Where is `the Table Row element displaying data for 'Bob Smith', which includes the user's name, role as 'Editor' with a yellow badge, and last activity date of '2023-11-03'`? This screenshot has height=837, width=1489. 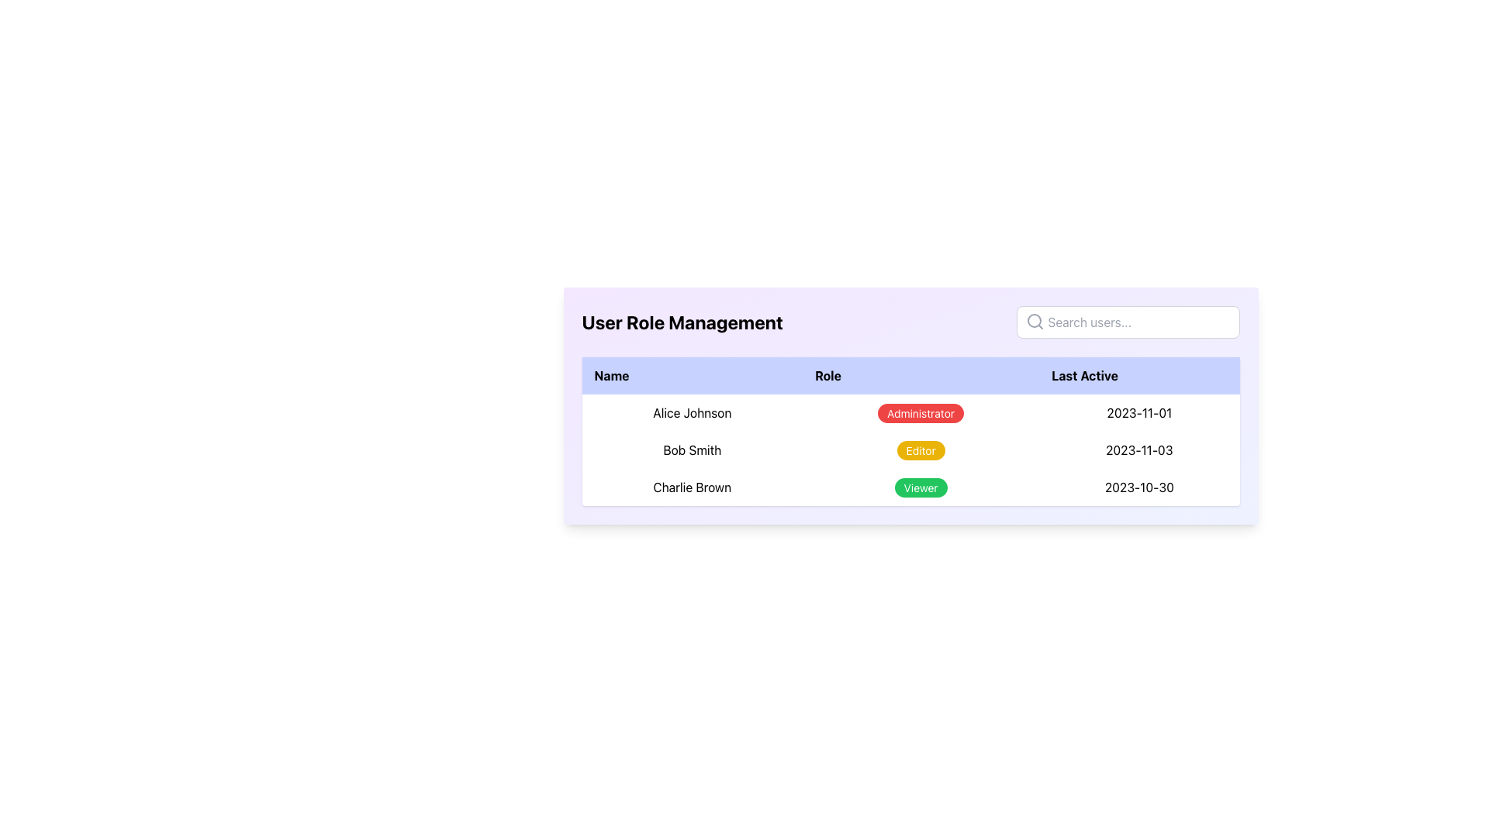
the Table Row element displaying data for 'Bob Smith', which includes the user's name, role as 'Editor' with a yellow badge, and last activity date of '2023-11-03' is located at coordinates (910, 450).